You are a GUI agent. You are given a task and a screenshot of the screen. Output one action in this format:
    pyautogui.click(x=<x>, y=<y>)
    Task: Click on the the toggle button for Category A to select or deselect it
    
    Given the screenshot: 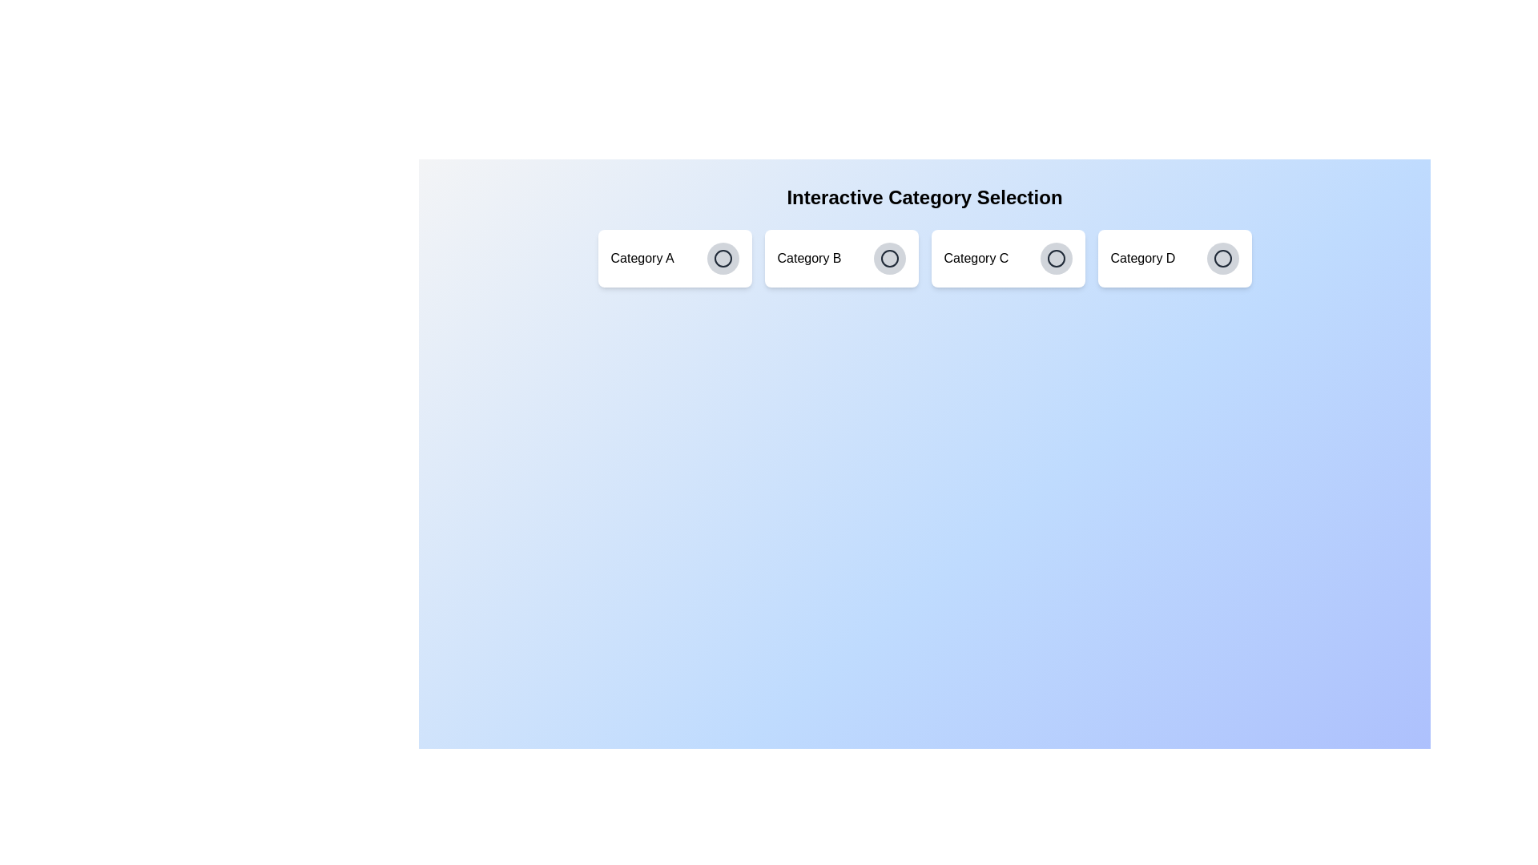 What is the action you would take?
    pyautogui.click(x=722, y=258)
    